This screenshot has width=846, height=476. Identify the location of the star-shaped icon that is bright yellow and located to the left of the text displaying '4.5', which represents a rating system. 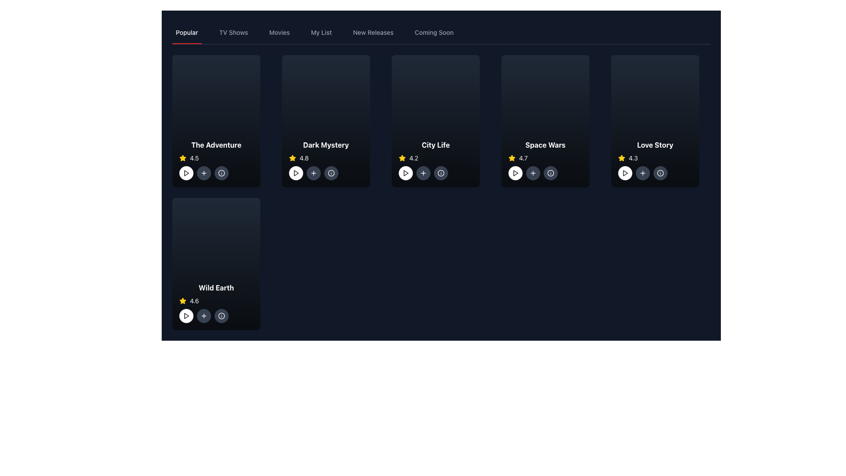
(182, 157).